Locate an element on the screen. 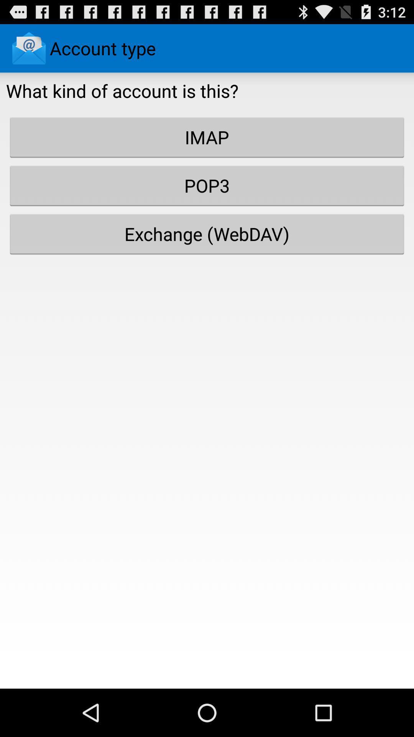 The image size is (414, 737). imap is located at coordinates (207, 137).